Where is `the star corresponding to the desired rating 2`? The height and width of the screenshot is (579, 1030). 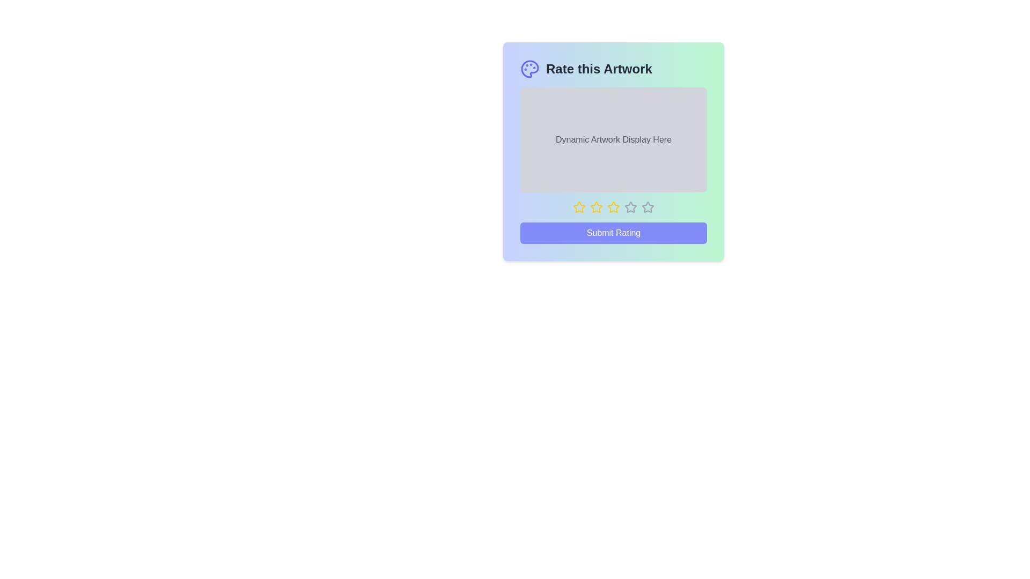
the star corresponding to the desired rating 2 is located at coordinates (596, 207).